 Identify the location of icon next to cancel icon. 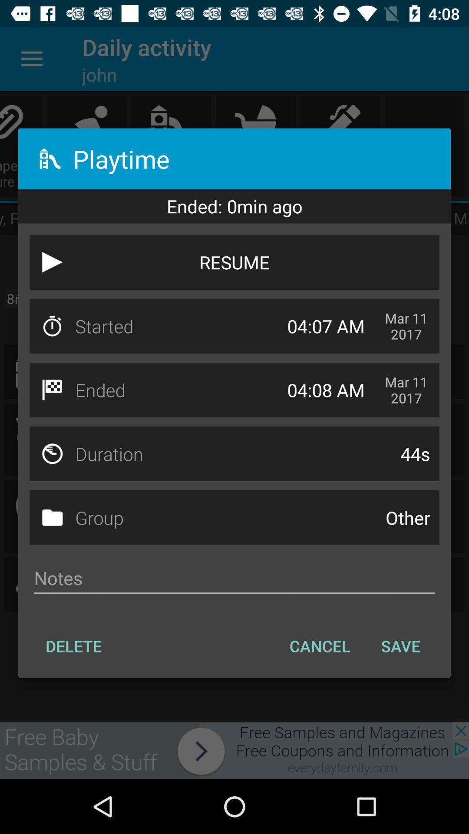
(400, 646).